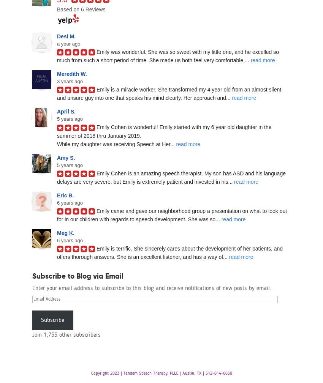 This screenshot has height=383, width=323. I want to click on 'Eric B.', so click(65, 195).